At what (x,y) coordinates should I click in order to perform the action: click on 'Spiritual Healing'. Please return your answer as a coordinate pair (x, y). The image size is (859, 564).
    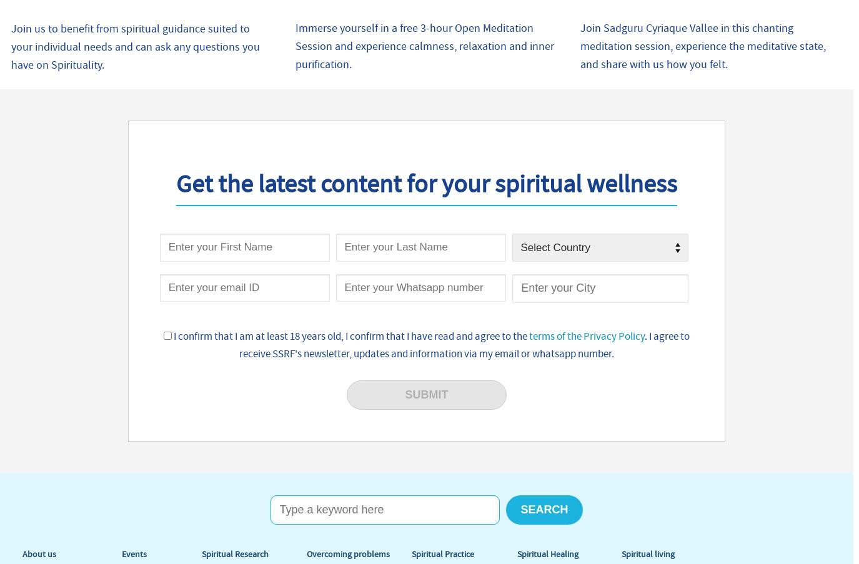
    Looking at the image, I should click on (547, 554).